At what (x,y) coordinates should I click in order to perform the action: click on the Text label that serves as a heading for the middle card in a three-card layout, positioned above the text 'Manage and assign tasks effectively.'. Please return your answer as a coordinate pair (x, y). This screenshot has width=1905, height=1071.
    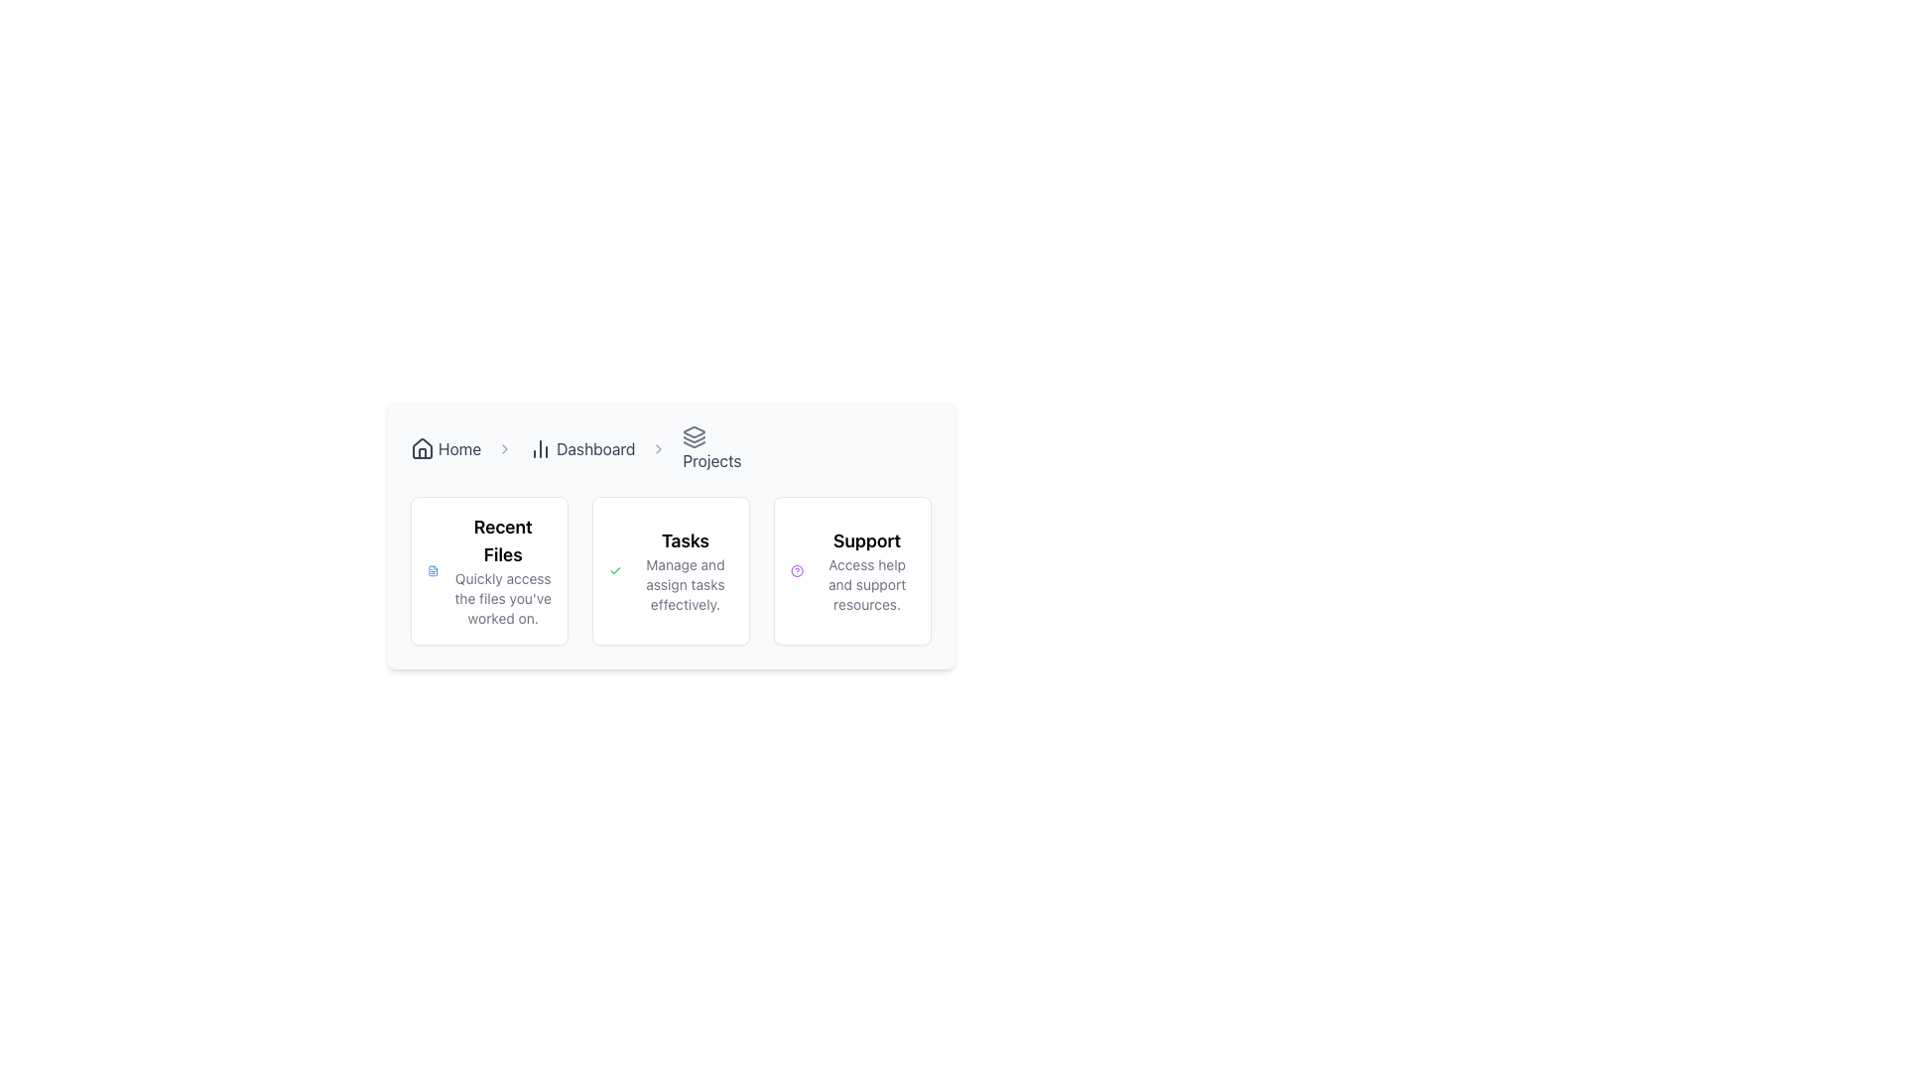
    Looking at the image, I should click on (686, 541).